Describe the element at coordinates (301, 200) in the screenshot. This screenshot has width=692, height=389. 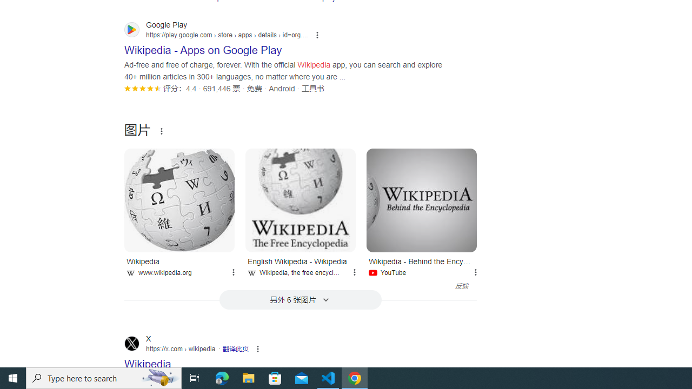
I see `'English Wikipedia - Wikipedia'` at that location.